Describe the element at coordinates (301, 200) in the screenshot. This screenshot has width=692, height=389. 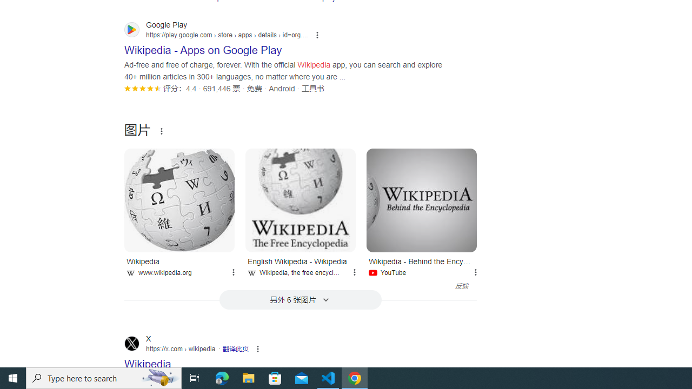
I see `'English Wikipedia - Wikipedia'` at that location.